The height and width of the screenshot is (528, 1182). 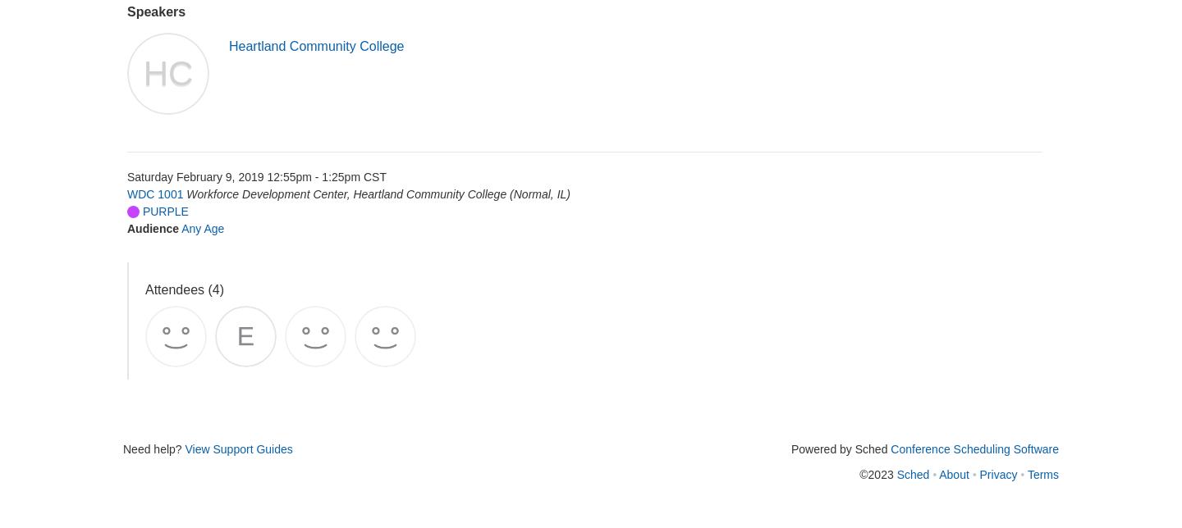 I want to click on 'Sched', so click(x=911, y=473).